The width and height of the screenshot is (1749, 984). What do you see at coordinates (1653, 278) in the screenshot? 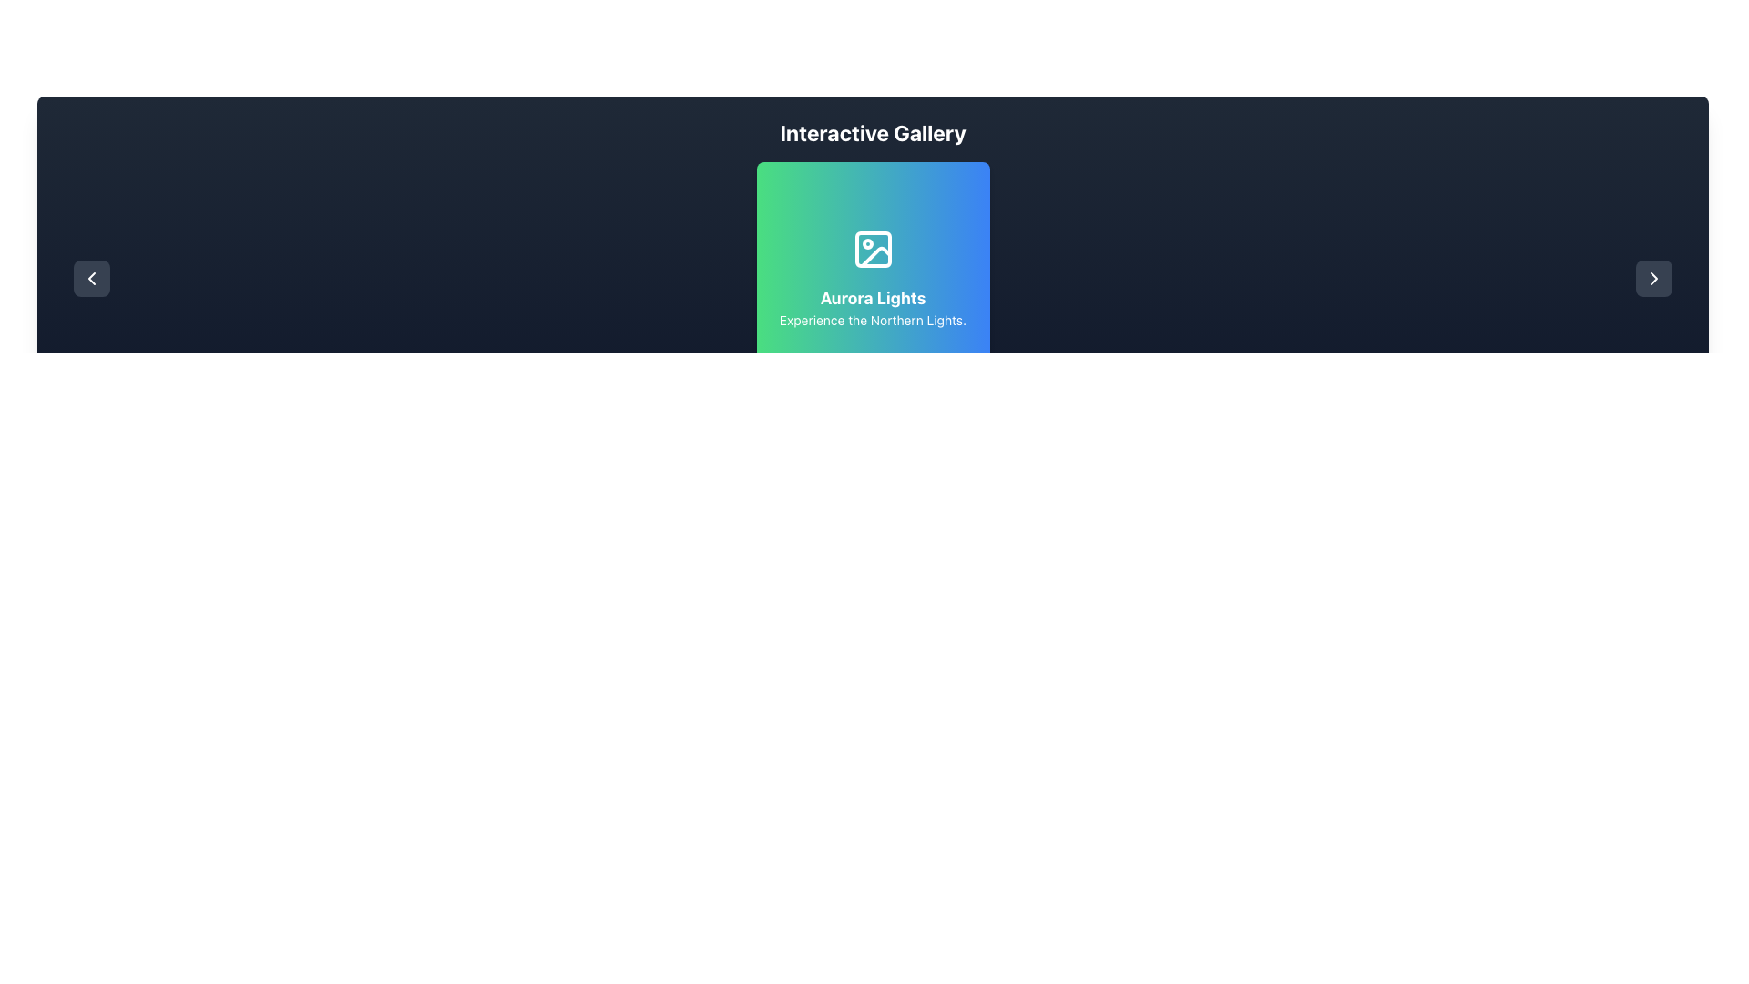
I see `the right-facing chevron icon within the circular button located at the far right of the interface` at bounding box center [1653, 278].